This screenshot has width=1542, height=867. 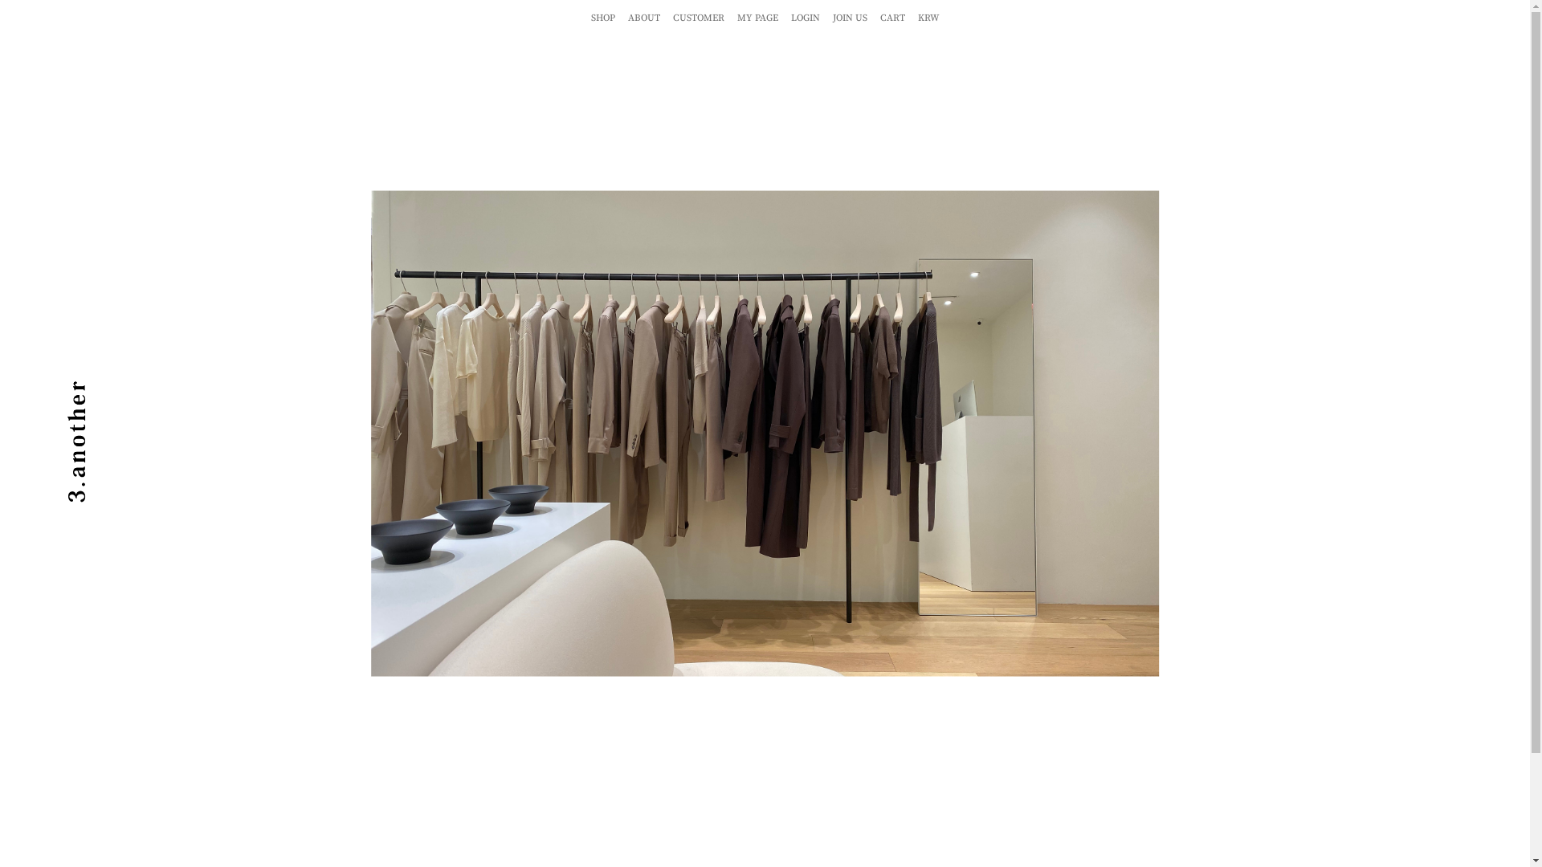 I want to click on 'MY PAGE', so click(x=757, y=18).